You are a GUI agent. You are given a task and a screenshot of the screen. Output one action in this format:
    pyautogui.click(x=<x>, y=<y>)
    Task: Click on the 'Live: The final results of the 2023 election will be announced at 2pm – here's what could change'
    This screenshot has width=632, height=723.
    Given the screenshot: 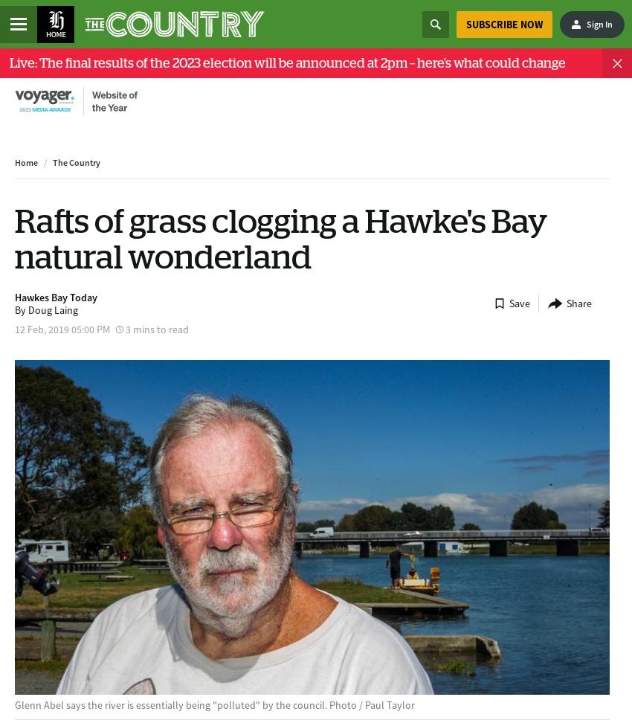 What is the action you would take?
    pyautogui.click(x=288, y=62)
    